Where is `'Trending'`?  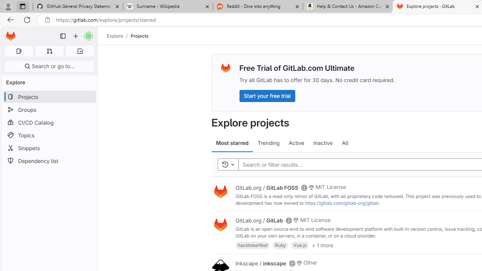 'Trending' is located at coordinates (268, 143).